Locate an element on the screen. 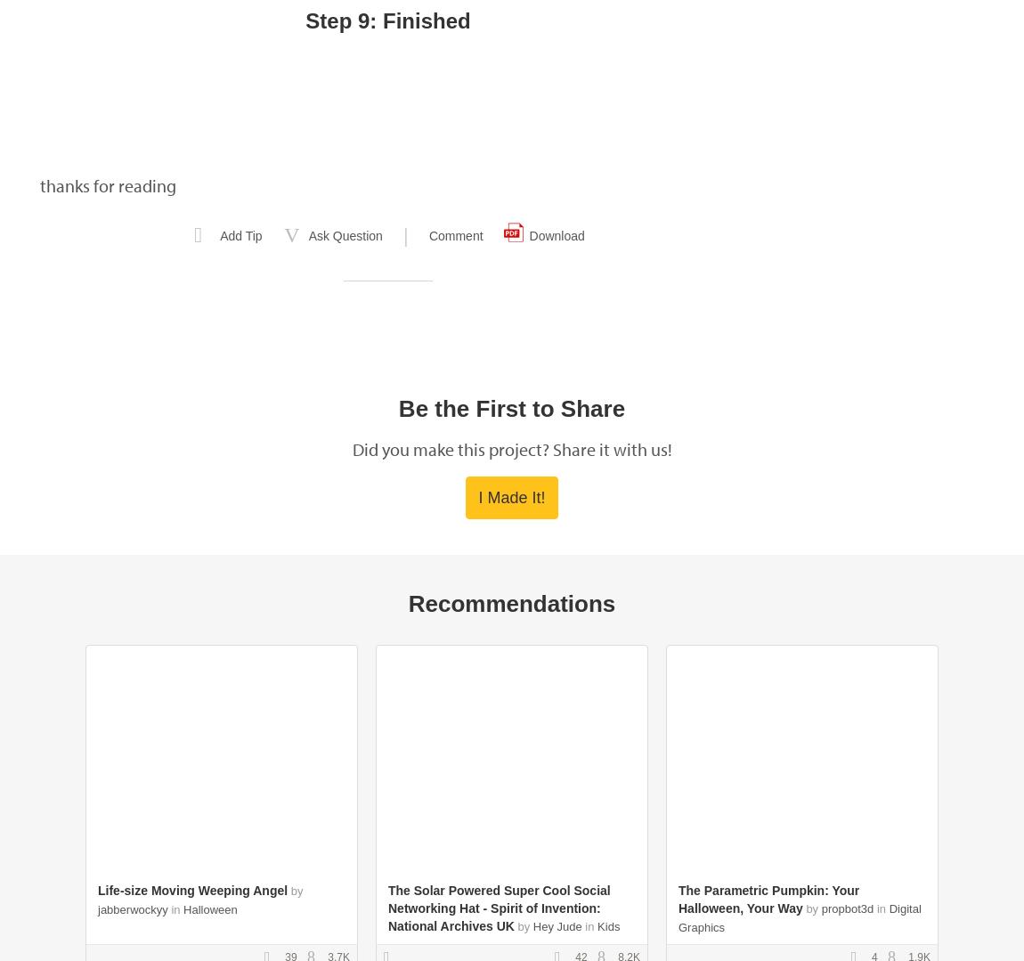  'The Parametric Pumpkin: Your Halloween, Your Way' is located at coordinates (768, 900).